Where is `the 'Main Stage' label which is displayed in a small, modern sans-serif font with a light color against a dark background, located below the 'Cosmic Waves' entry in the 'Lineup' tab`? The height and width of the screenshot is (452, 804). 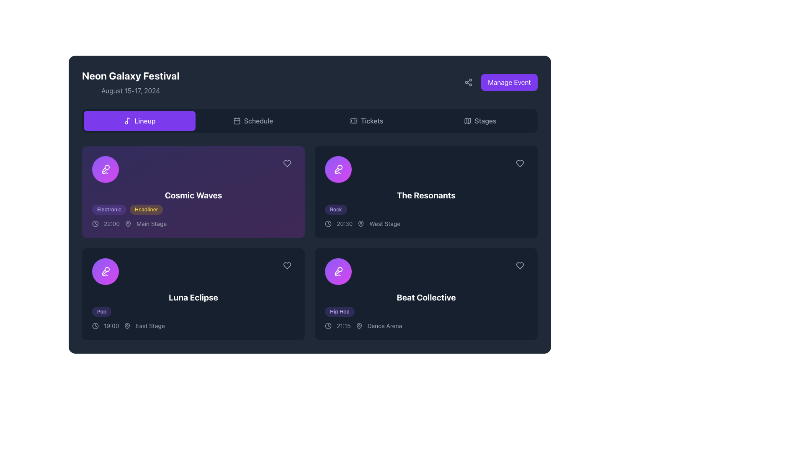
the 'Main Stage' label which is displayed in a small, modern sans-serif font with a light color against a dark background, located below the 'Cosmic Waves' entry in the 'Lineup' tab is located at coordinates (152, 223).